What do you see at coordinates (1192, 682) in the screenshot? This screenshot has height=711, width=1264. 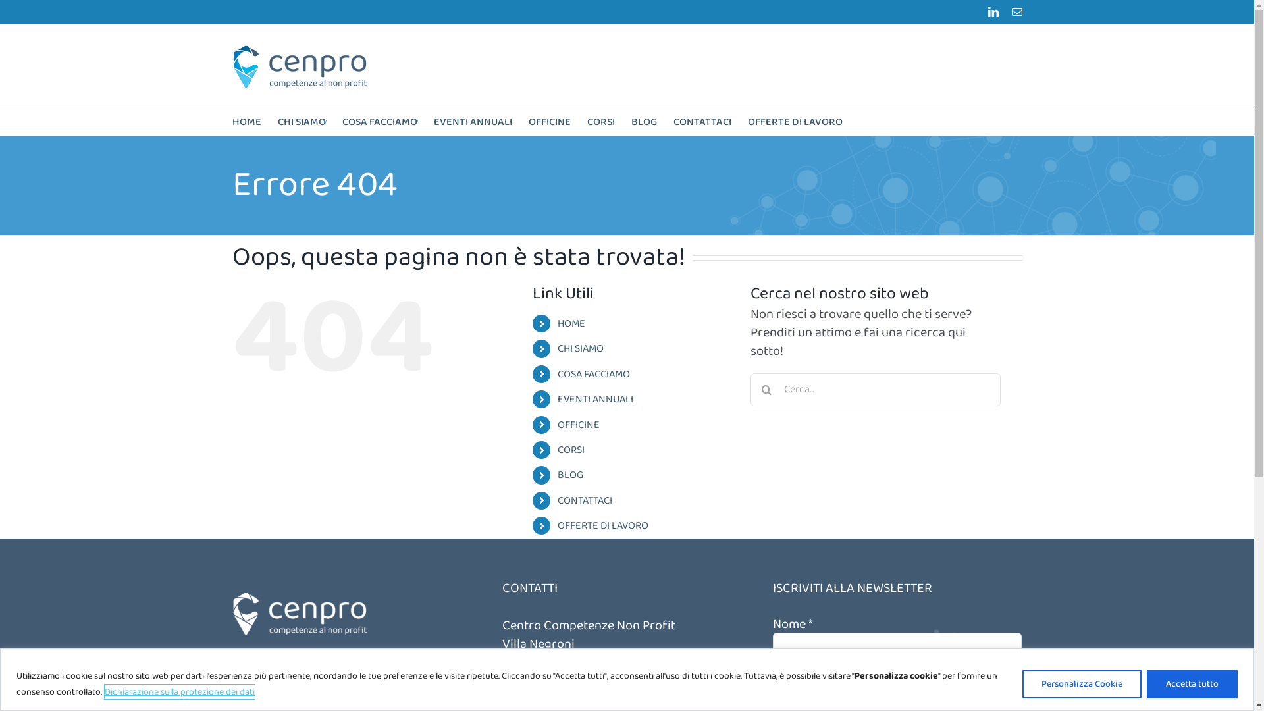 I see `'Accetta tutto'` at bounding box center [1192, 682].